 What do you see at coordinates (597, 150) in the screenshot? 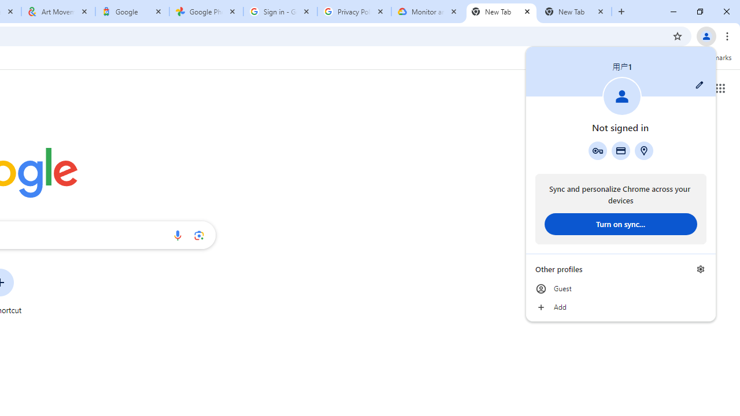
I see `'Google Password Manager'` at bounding box center [597, 150].